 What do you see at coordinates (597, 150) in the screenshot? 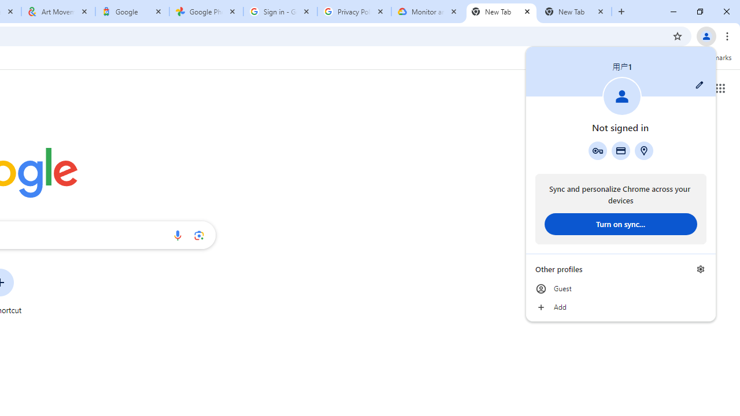
I see `'Google Password Manager'` at bounding box center [597, 150].